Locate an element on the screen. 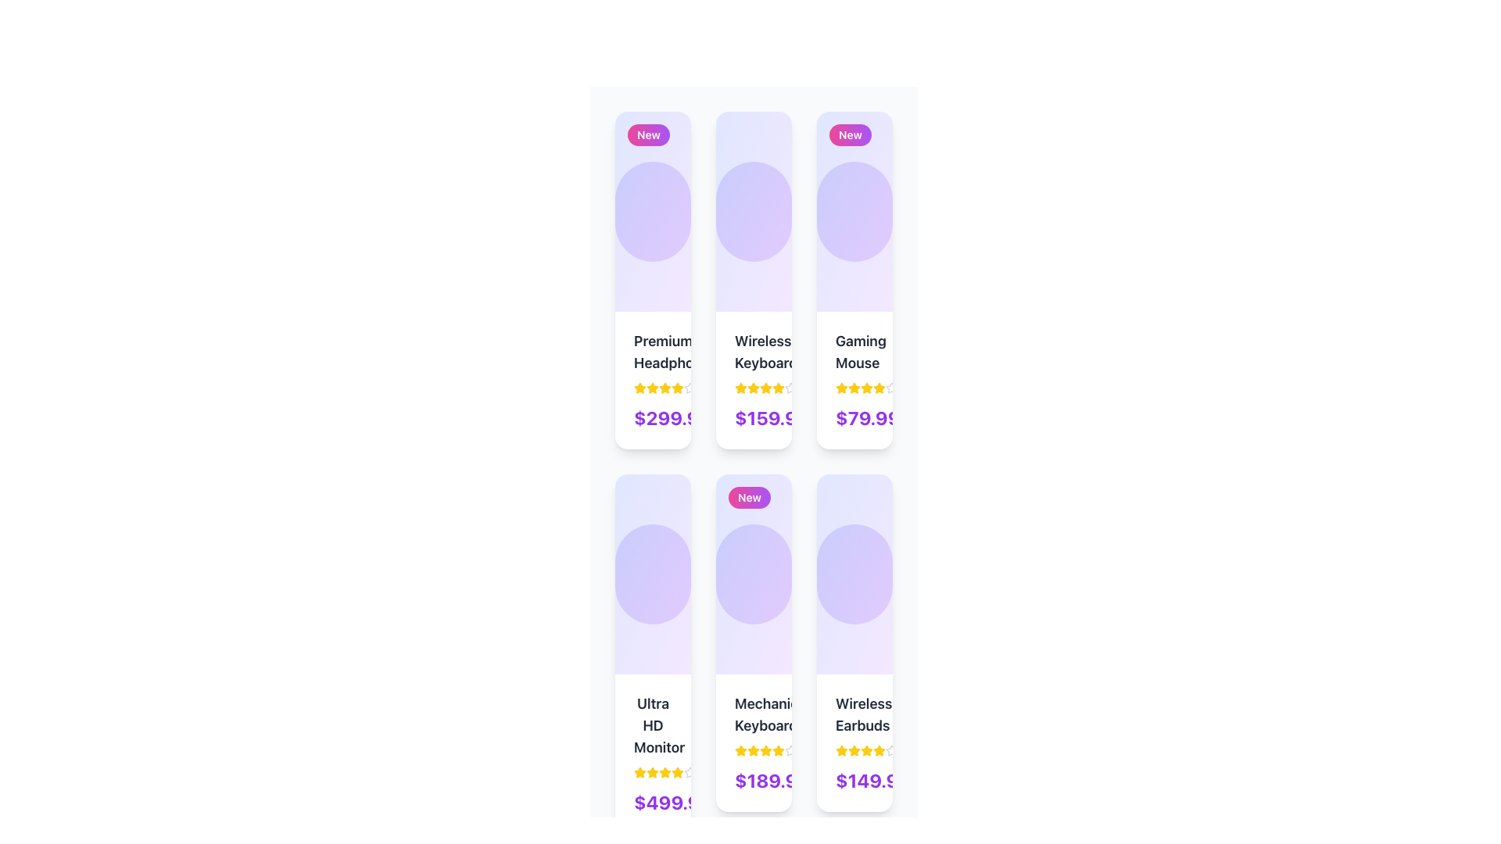  the third star icon in the rating system located below the 'Wireless Earbuds' item card is located at coordinates (865, 749).